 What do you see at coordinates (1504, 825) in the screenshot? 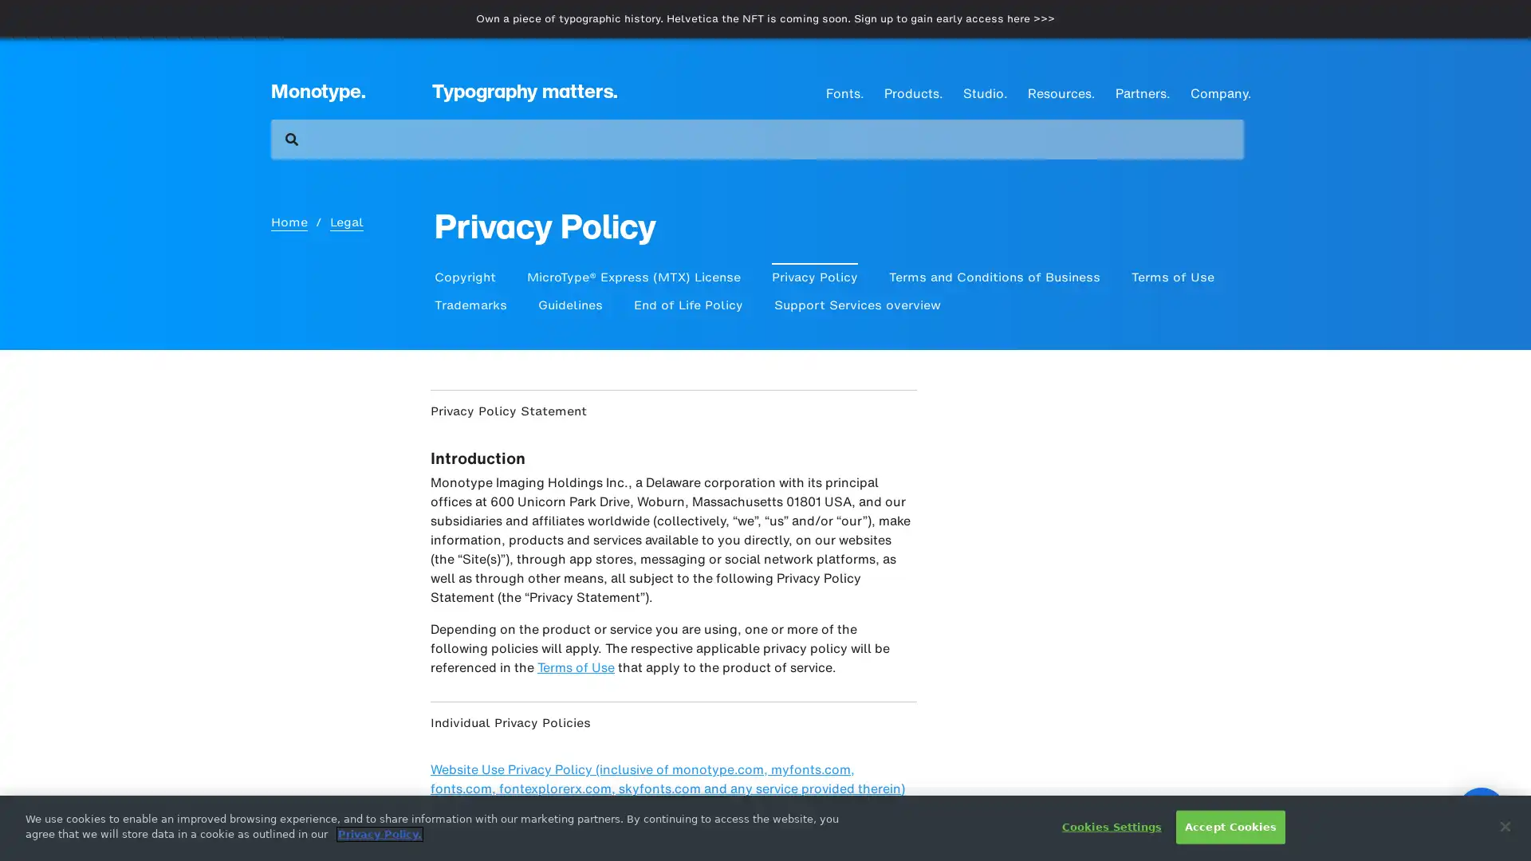
I see `Close` at bounding box center [1504, 825].